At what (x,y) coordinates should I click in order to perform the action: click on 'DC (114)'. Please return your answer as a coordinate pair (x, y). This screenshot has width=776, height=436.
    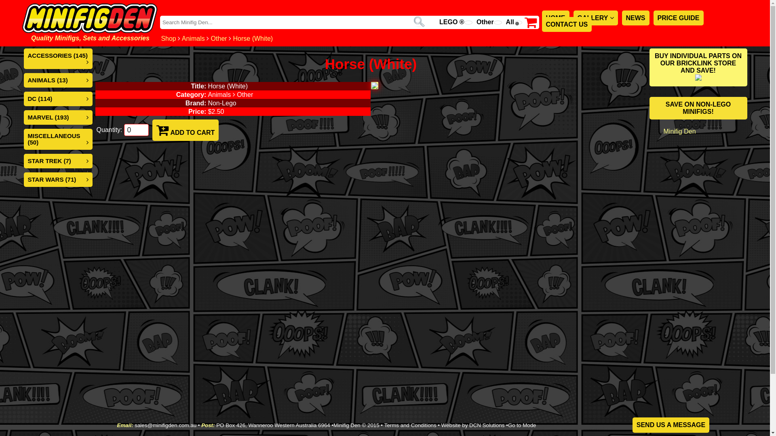
    Looking at the image, I should click on (39, 98).